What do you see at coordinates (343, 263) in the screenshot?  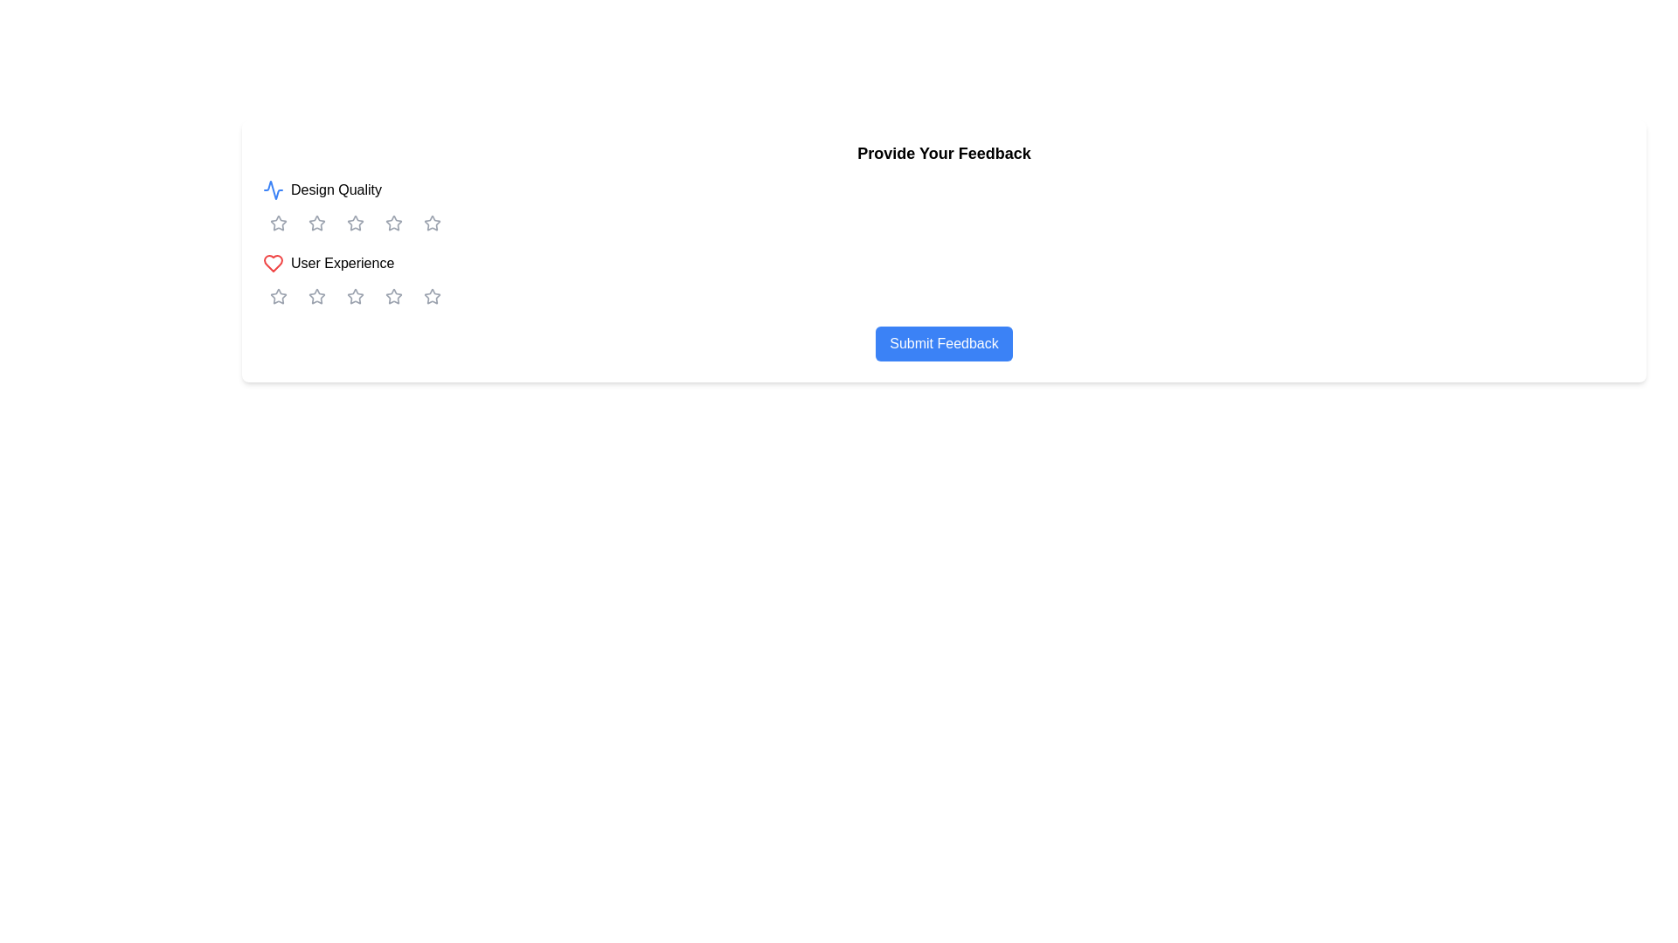 I see `the text label displaying 'User Experience'` at bounding box center [343, 263].